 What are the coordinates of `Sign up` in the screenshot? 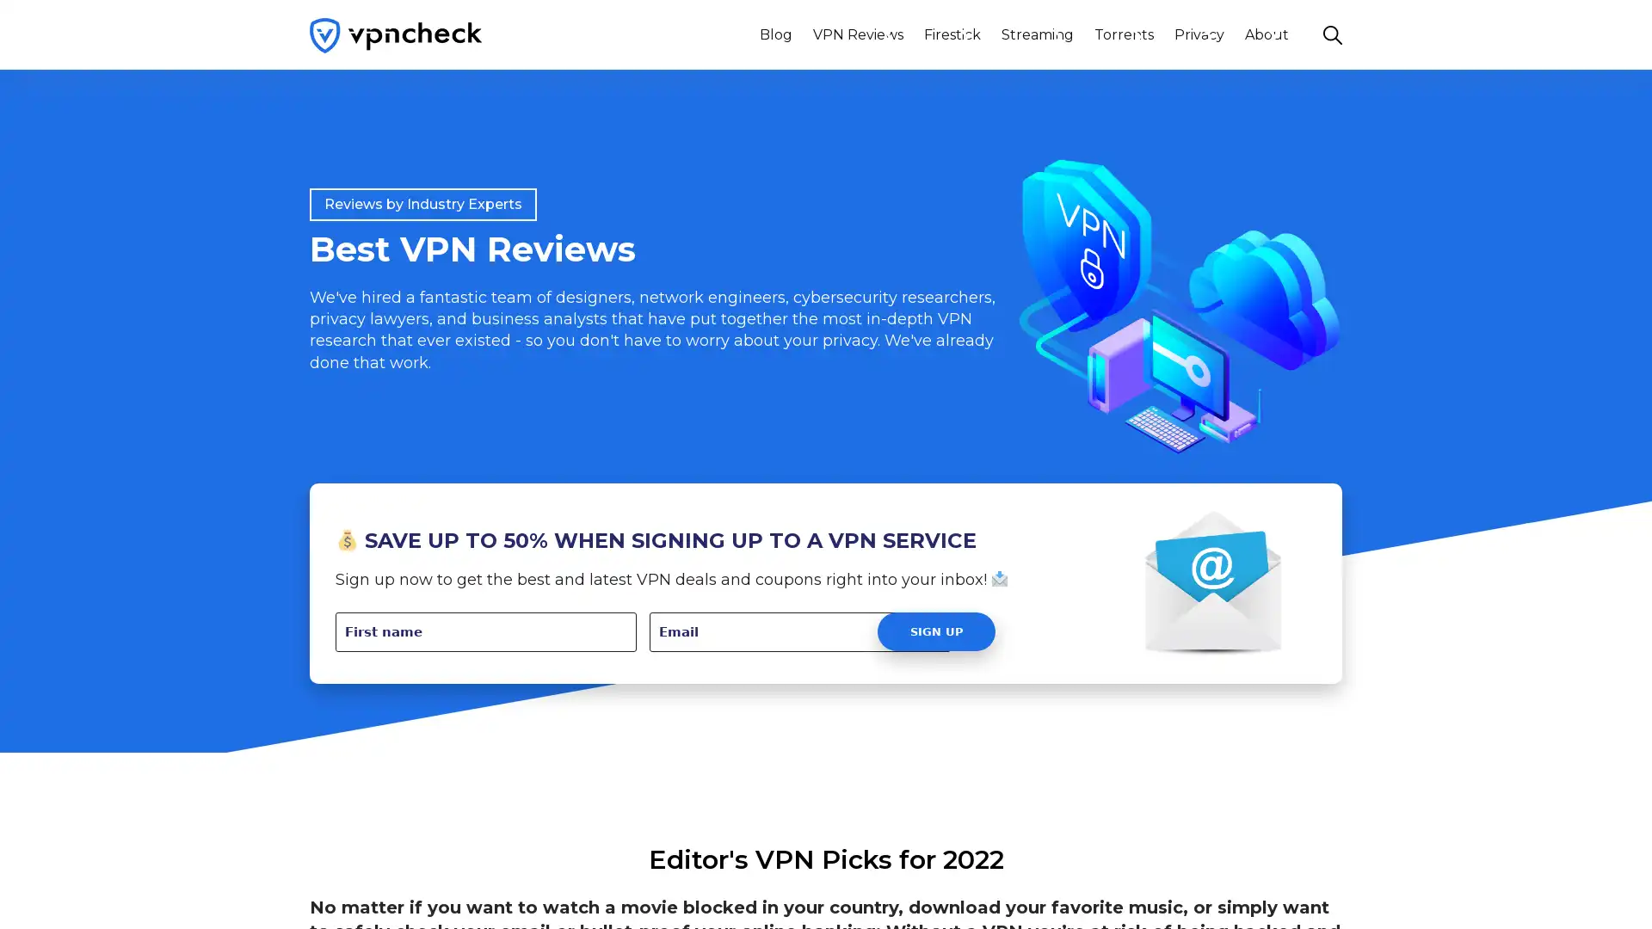 It's located at (935, 631).